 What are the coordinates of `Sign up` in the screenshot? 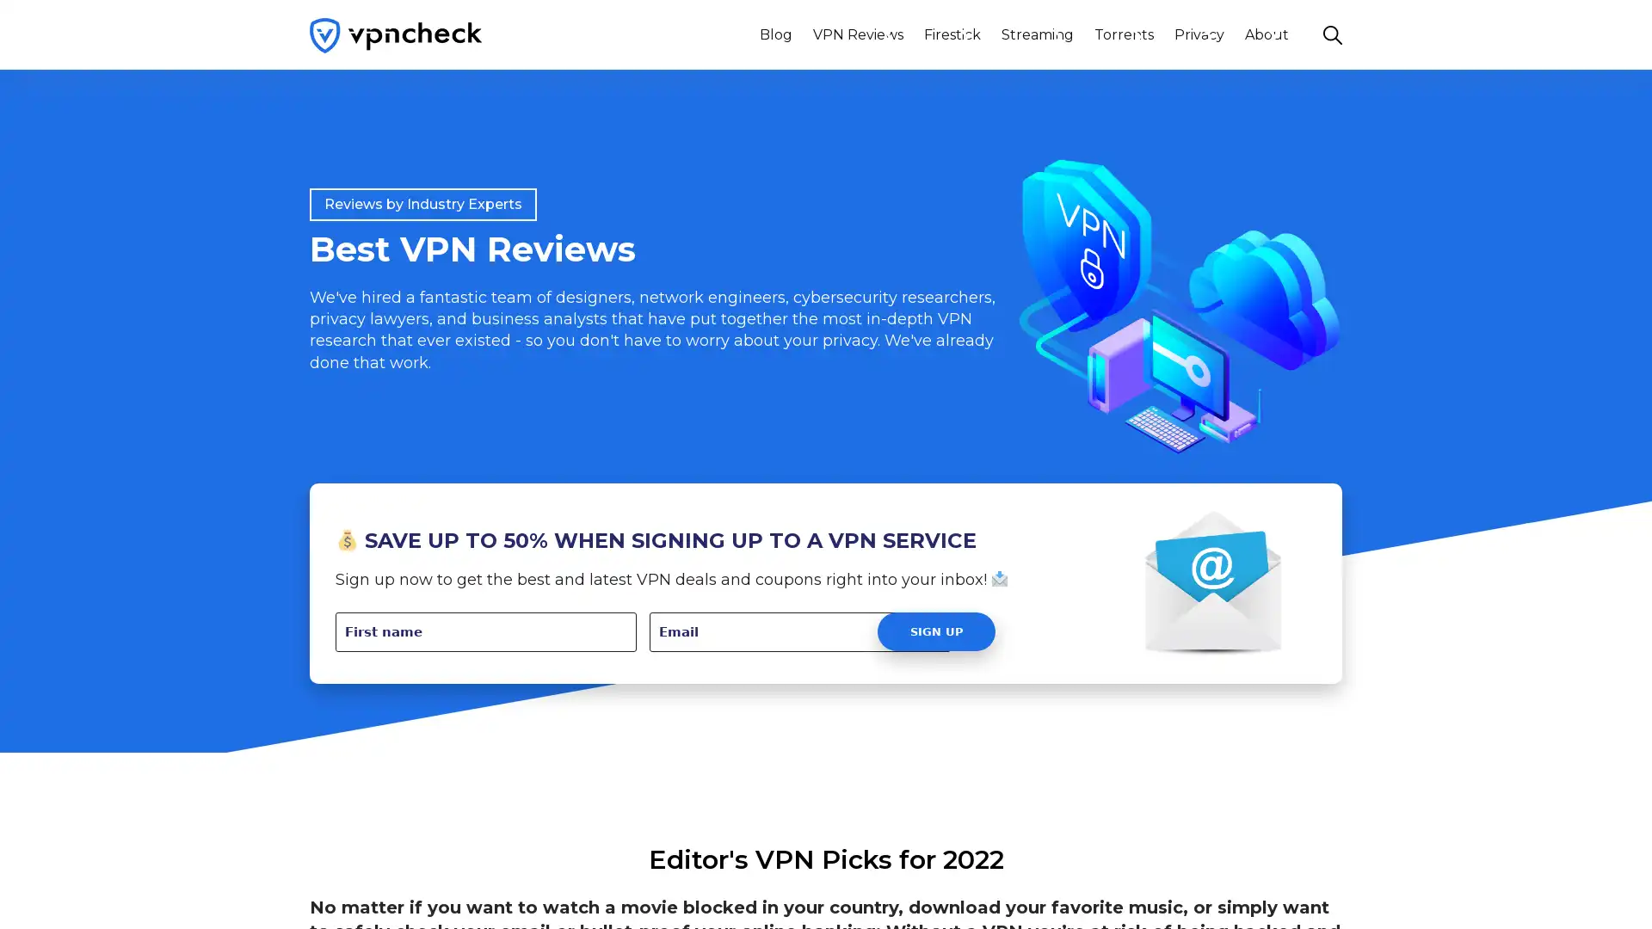 It's located at (935, 631).